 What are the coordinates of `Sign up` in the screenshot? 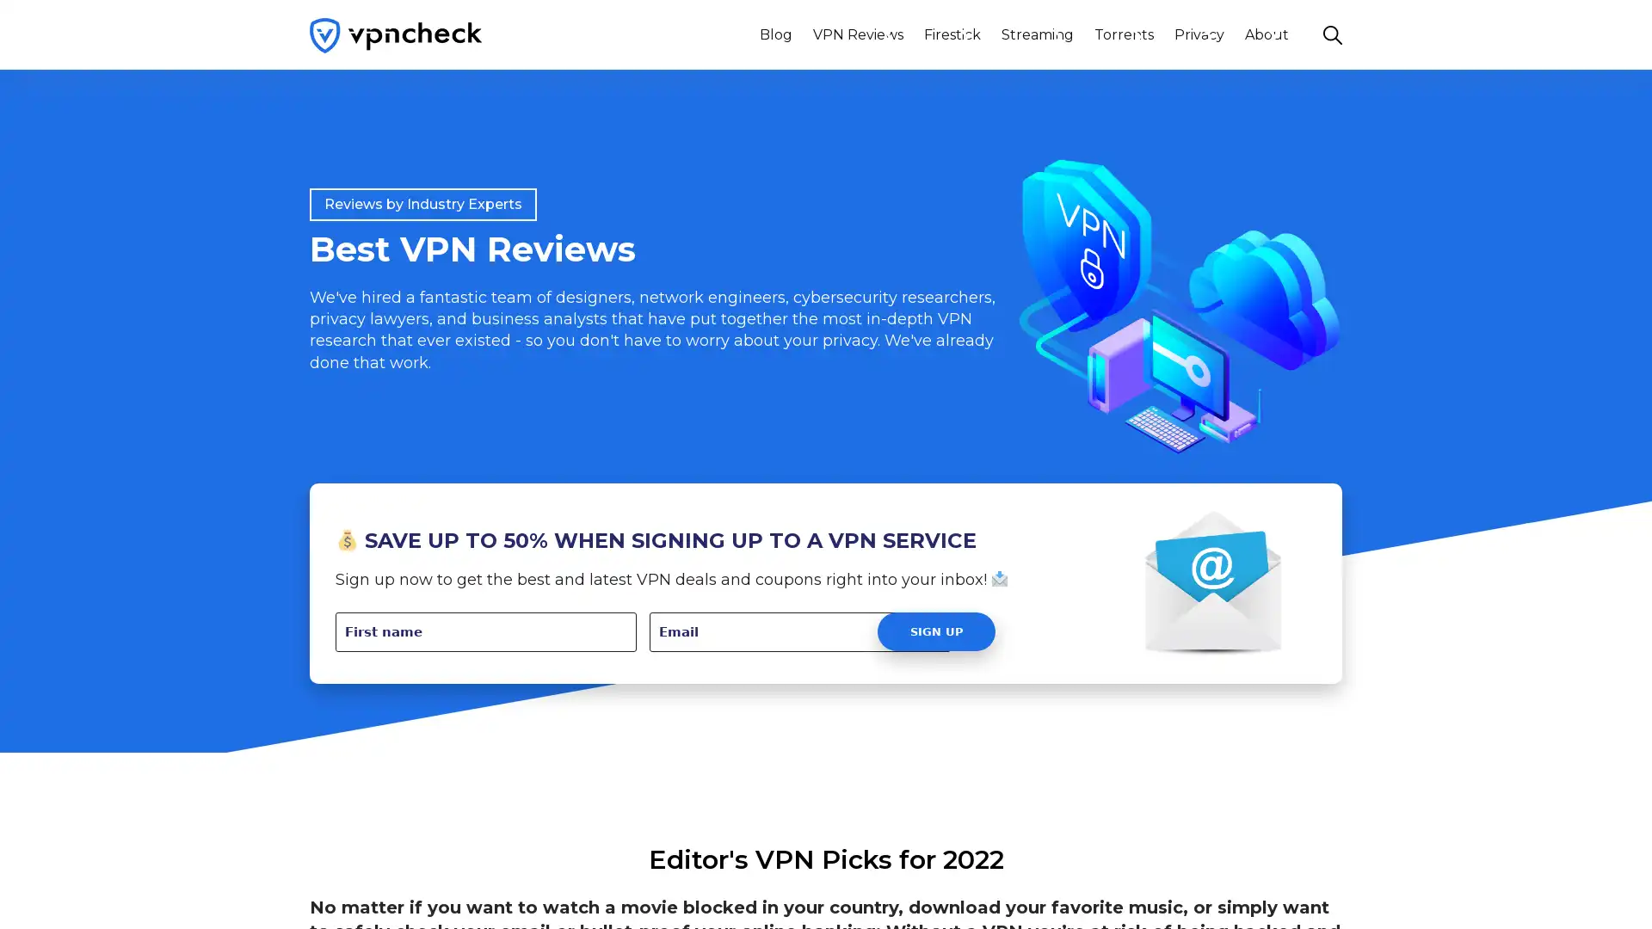 It's located at (935, 631).